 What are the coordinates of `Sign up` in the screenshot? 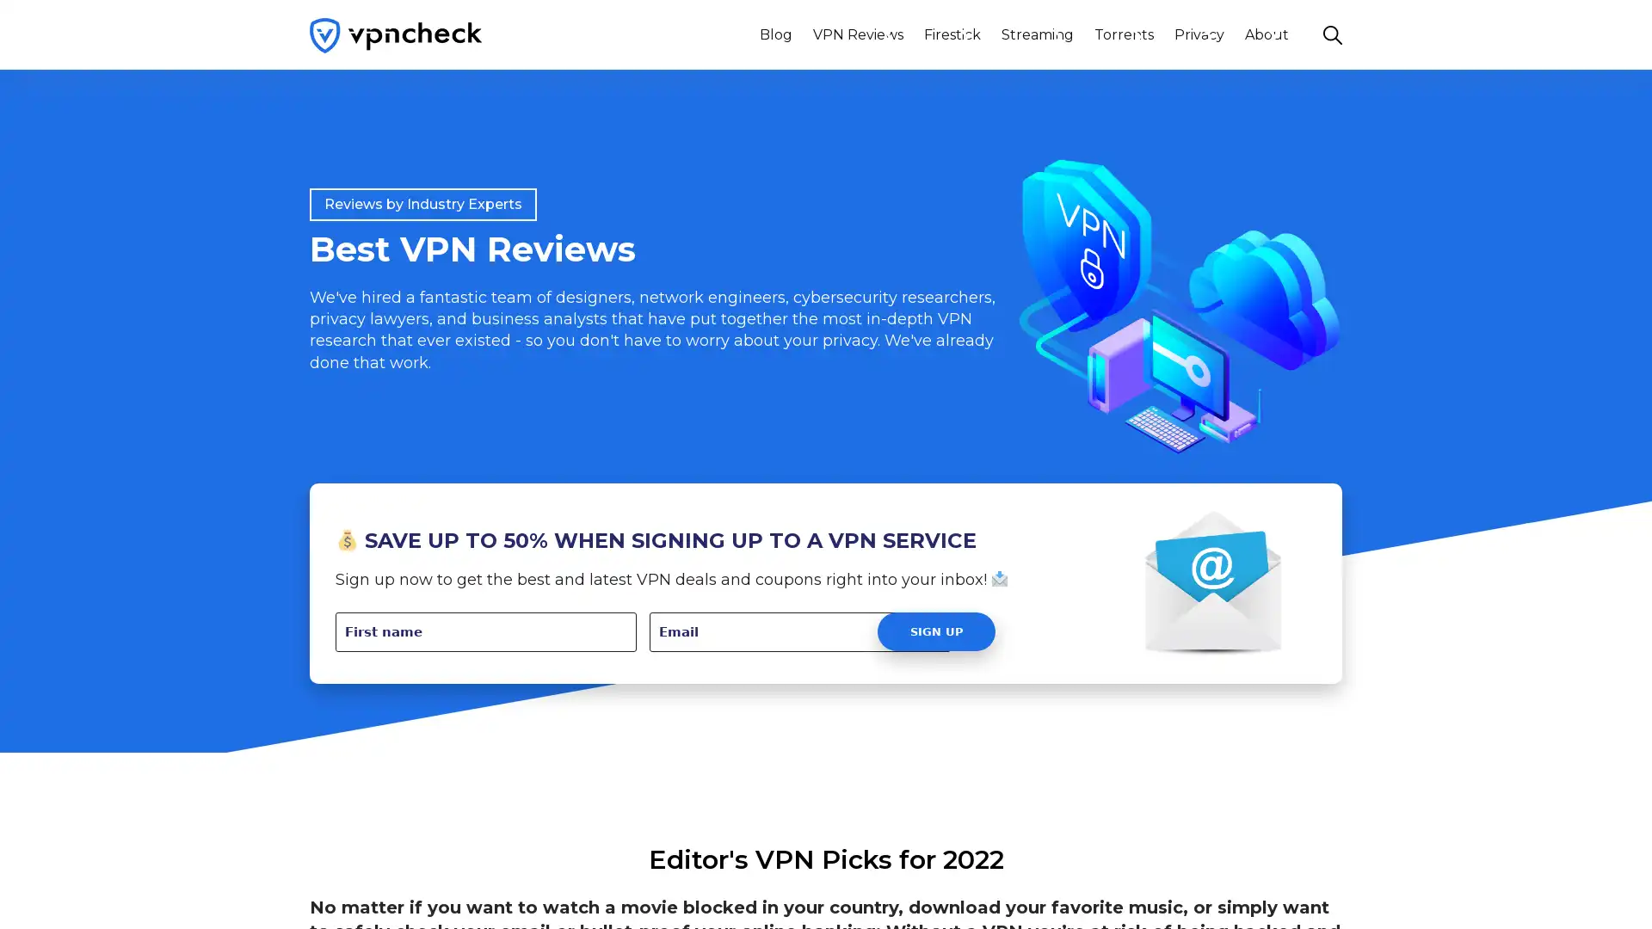 It's located at (935, 631).